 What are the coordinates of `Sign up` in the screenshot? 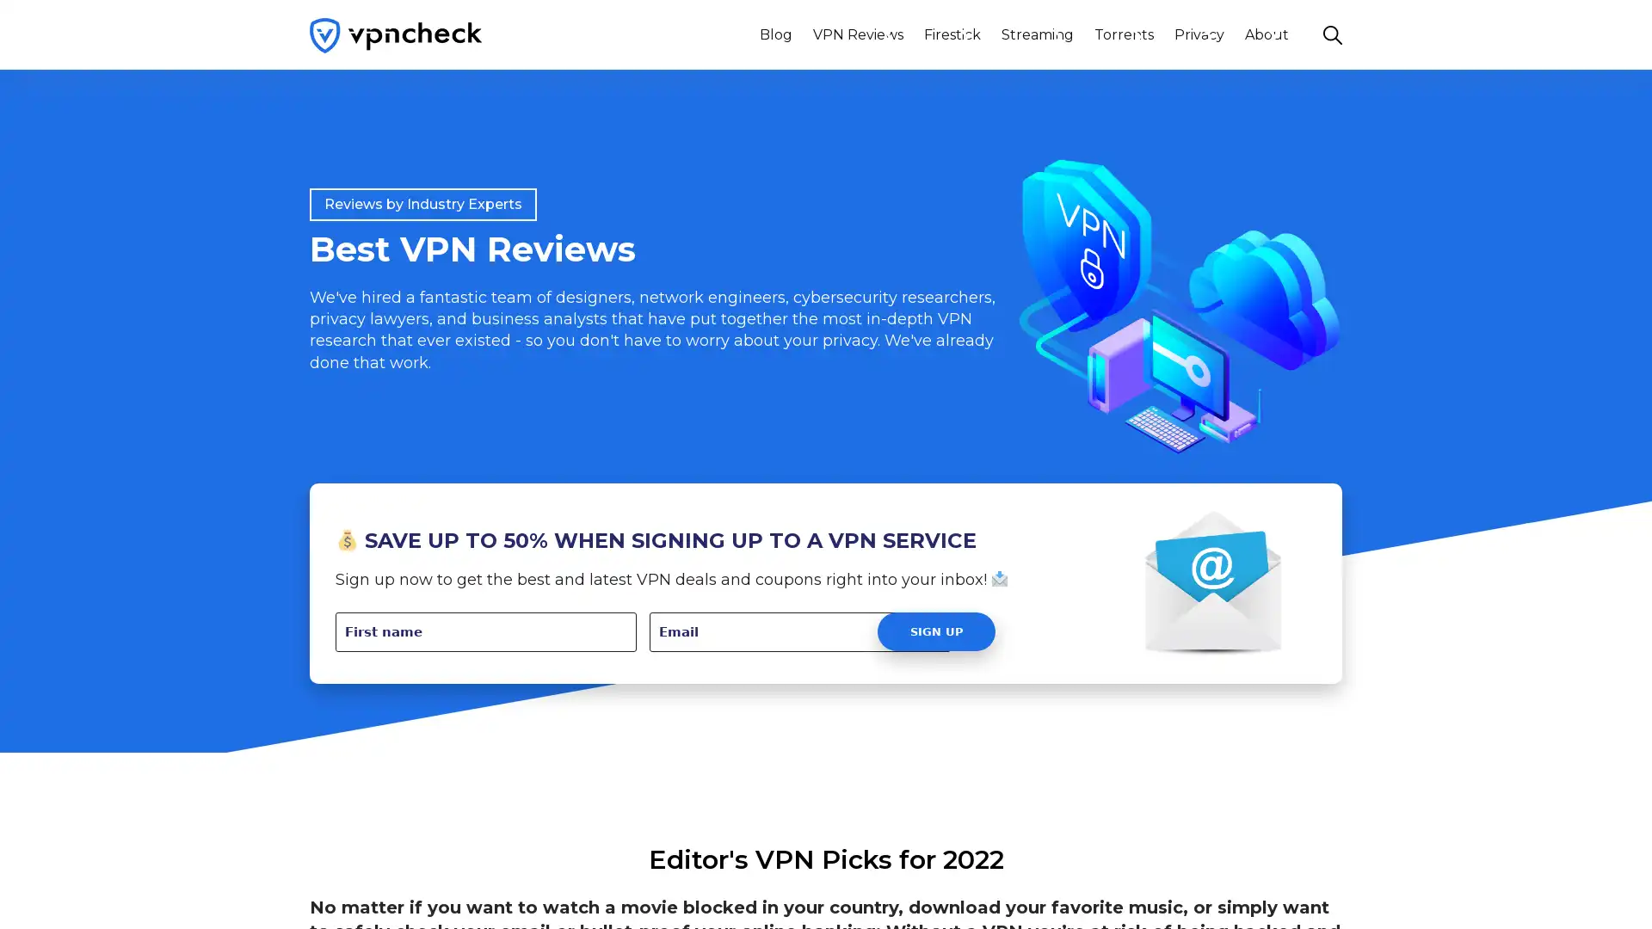 It's located at (935, 631).